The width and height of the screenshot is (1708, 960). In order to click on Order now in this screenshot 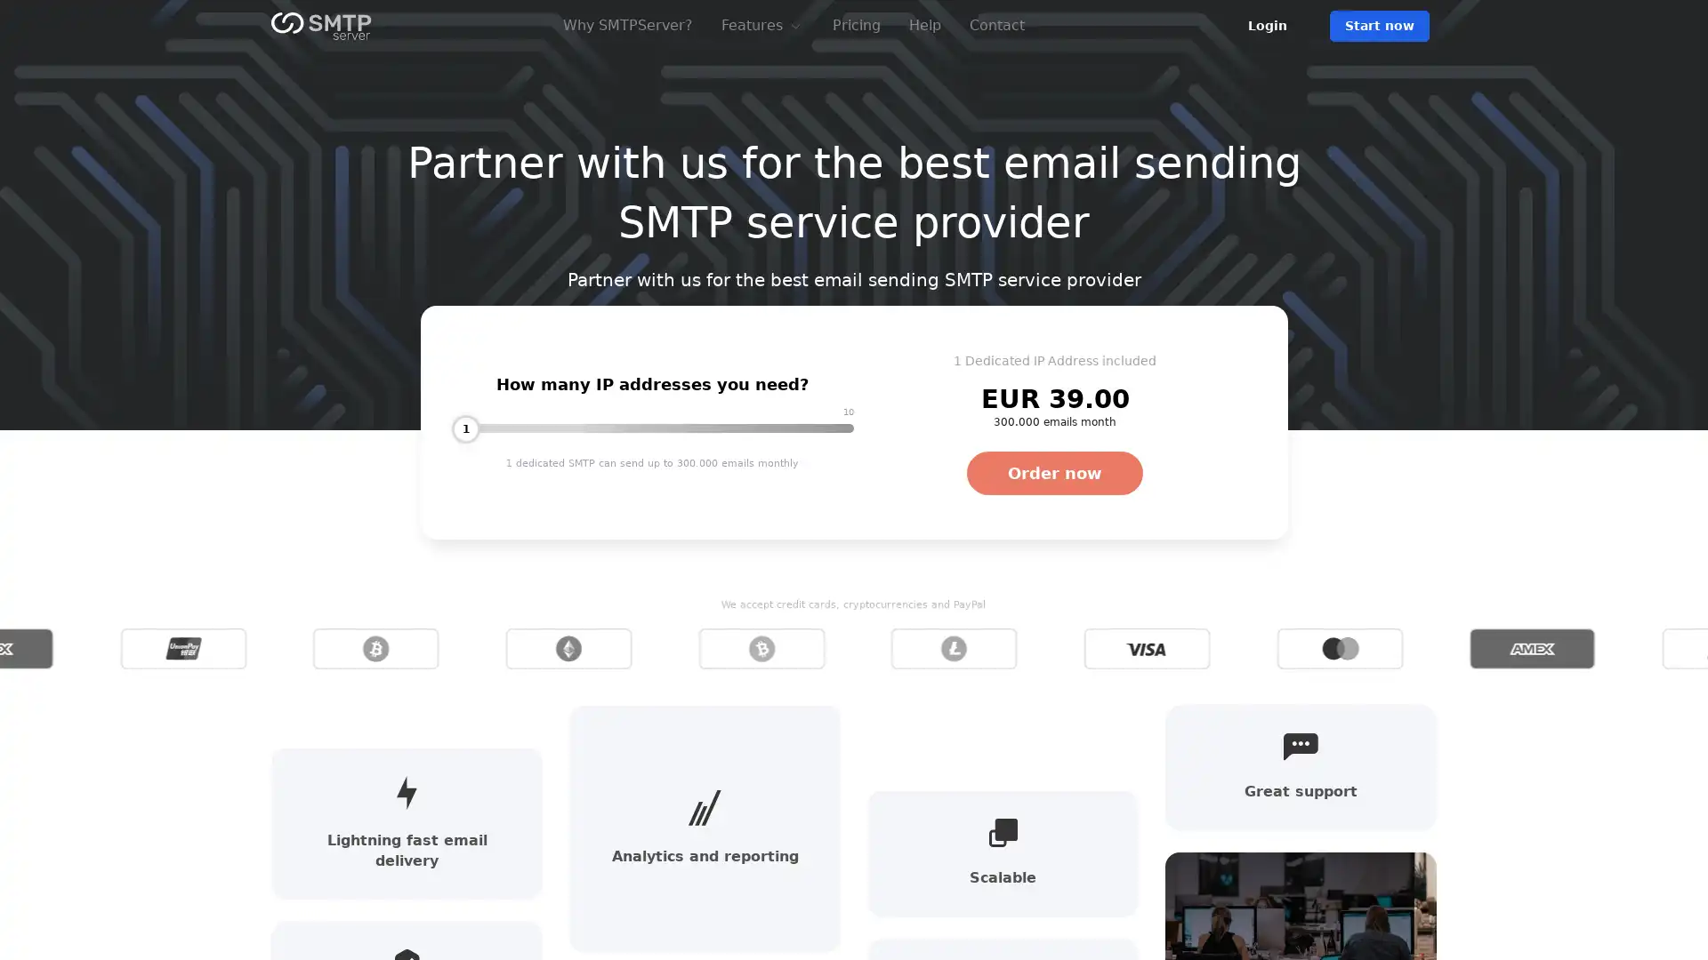, I will do `click(1054, 471)`.